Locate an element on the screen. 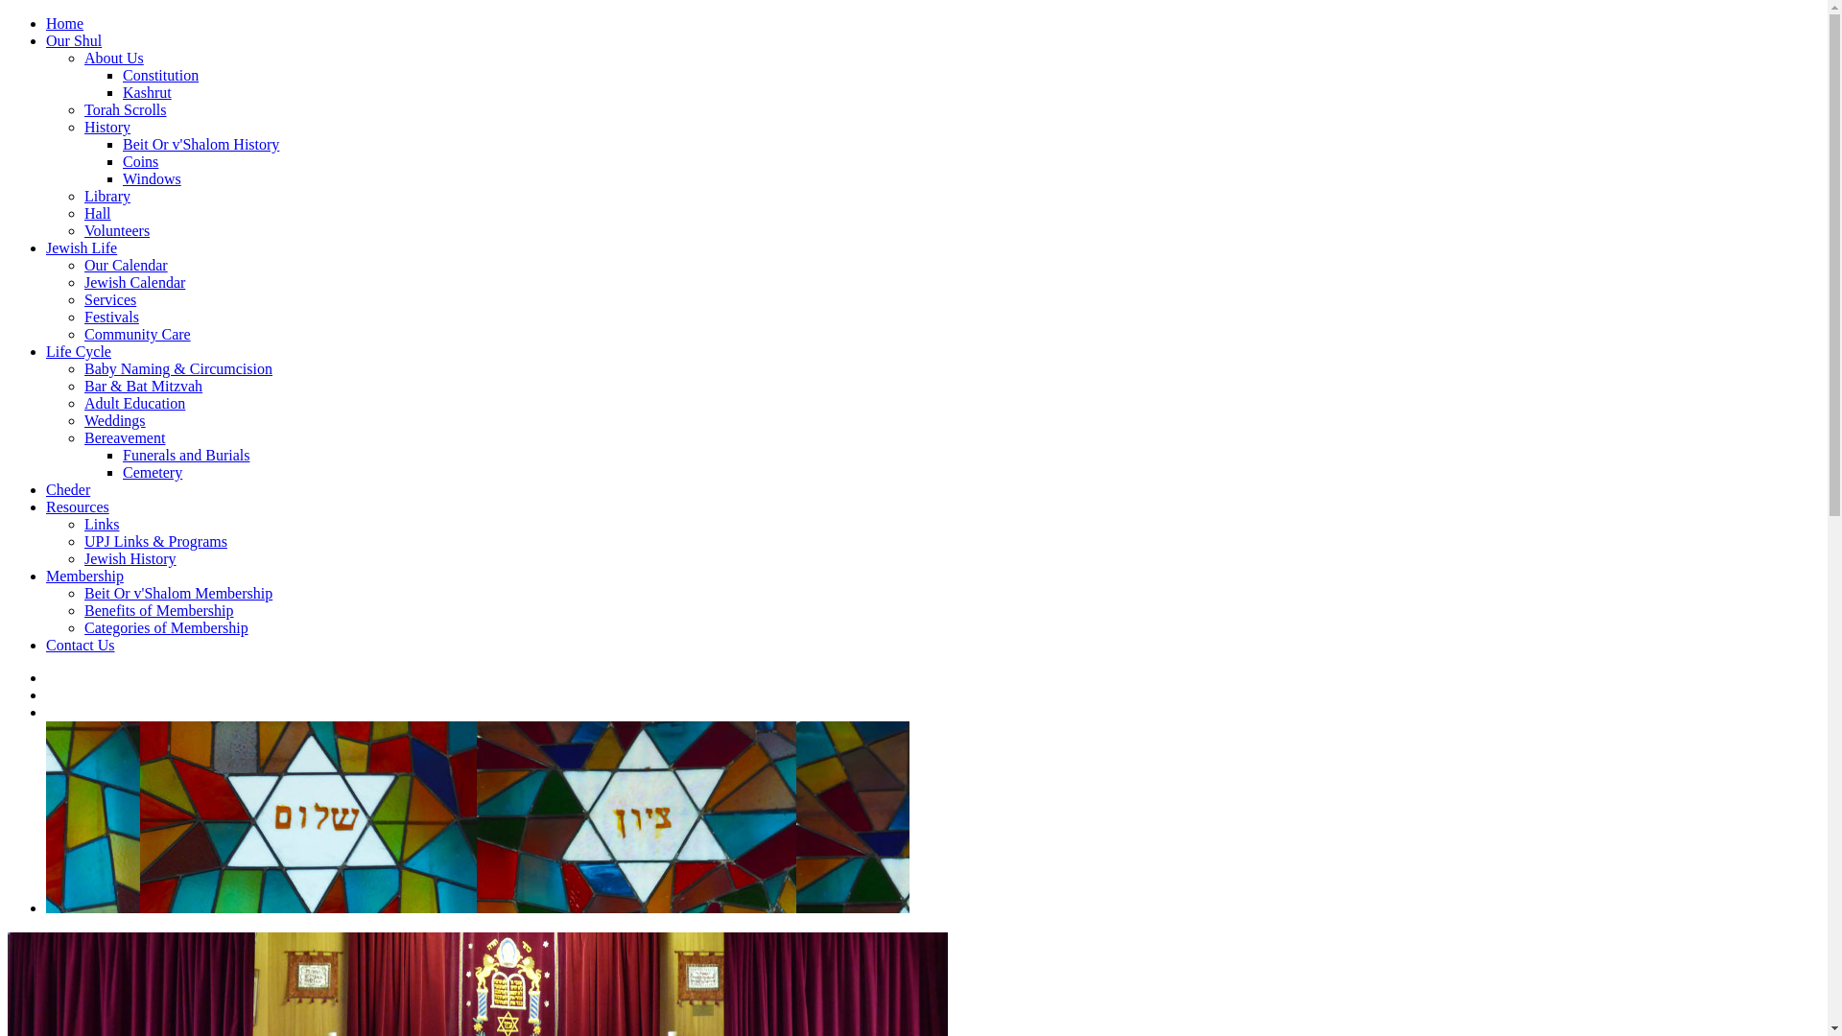 Image resolution: width=1842 pixels, height=1036 pixels. 'Cheder' is located at coordinates (68, 488).